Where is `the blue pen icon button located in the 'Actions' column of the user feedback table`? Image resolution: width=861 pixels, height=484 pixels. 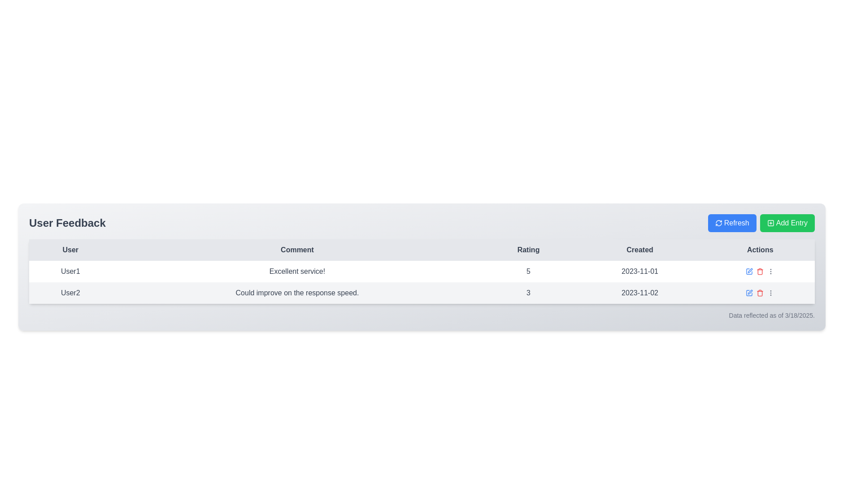 the blue pen icon button located in the 'Actions' column of the user feedback table is located at coordinates (749, 271).